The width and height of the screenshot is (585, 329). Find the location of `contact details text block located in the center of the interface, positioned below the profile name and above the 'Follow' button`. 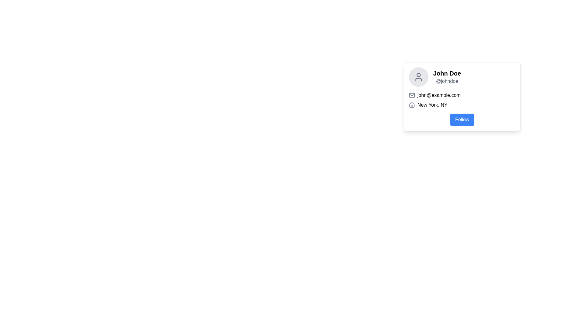

contact details text block located in the center of the interface, positioned below the profile name and above the 'Follow' button is located at coordinates (462, 100).